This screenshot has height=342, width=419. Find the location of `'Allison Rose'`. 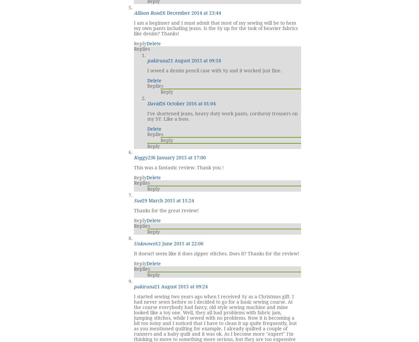

'Allison Rose' is located at coordinates (147, 13).